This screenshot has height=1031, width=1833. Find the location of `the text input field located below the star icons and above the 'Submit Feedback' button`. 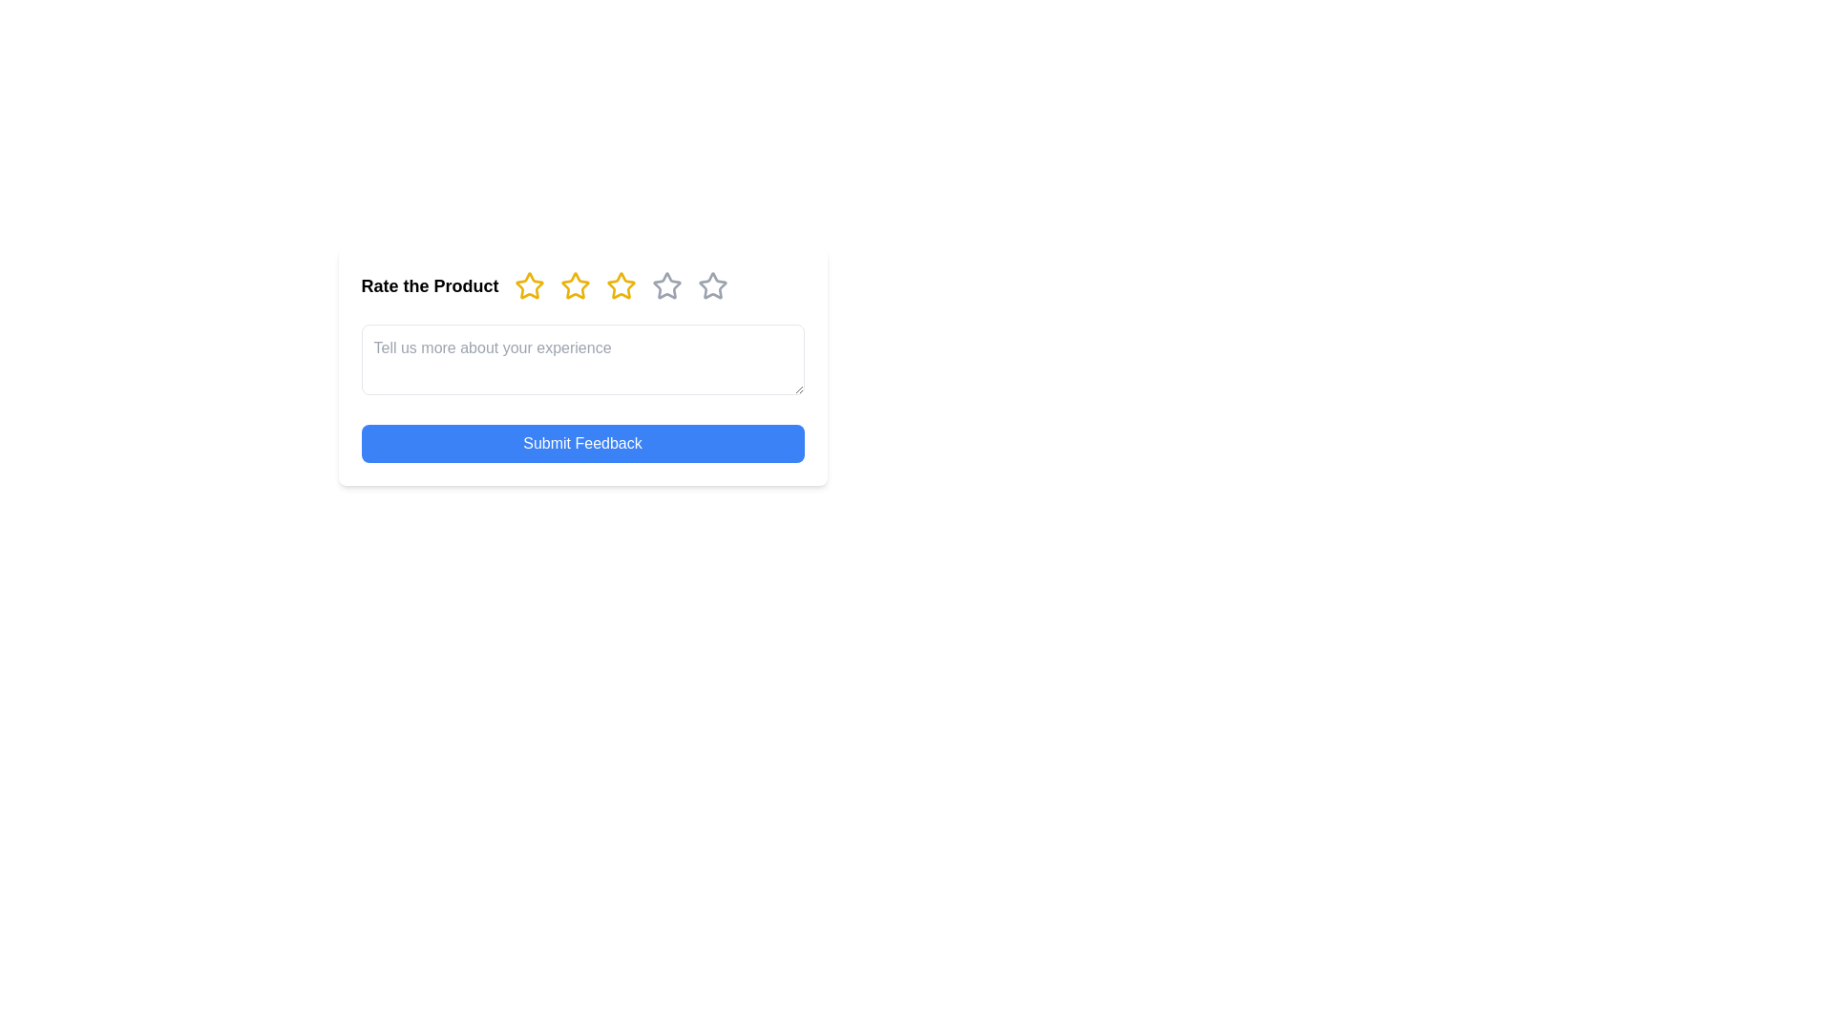

the text input field located below the star icons and above the 'Submit Feedback' button is located at coordinates (581, 360).